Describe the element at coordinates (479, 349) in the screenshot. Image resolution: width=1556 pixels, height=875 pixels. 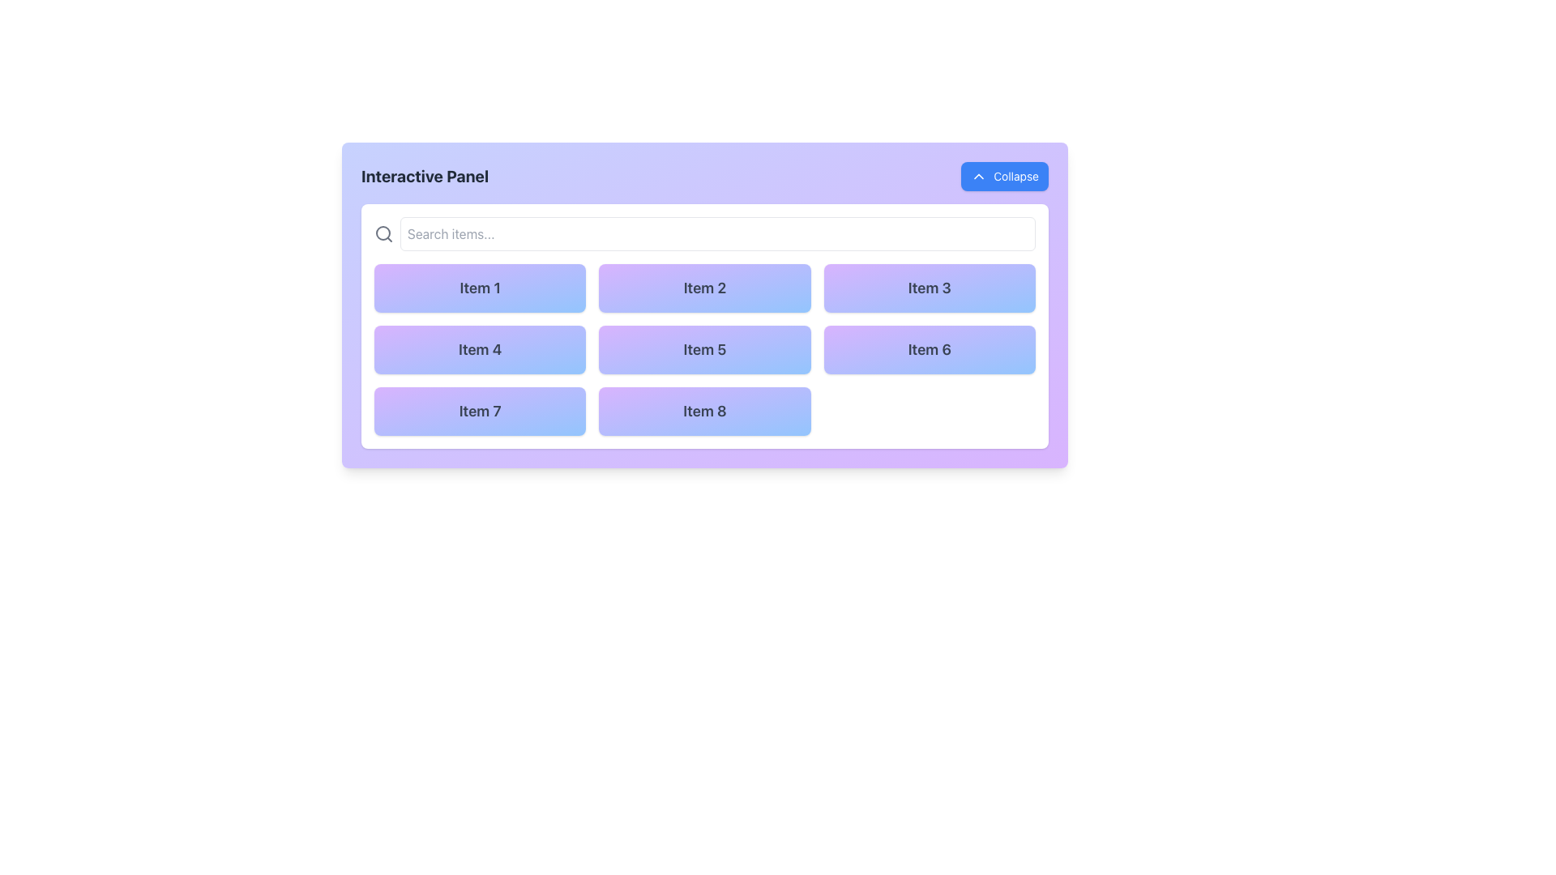
I see `the Card element displaying the label 'Item 4' which is part of a grid layout, located in the middle left area directly beneath 'Item 1' and adjacent to 'Item 5'` at that location.